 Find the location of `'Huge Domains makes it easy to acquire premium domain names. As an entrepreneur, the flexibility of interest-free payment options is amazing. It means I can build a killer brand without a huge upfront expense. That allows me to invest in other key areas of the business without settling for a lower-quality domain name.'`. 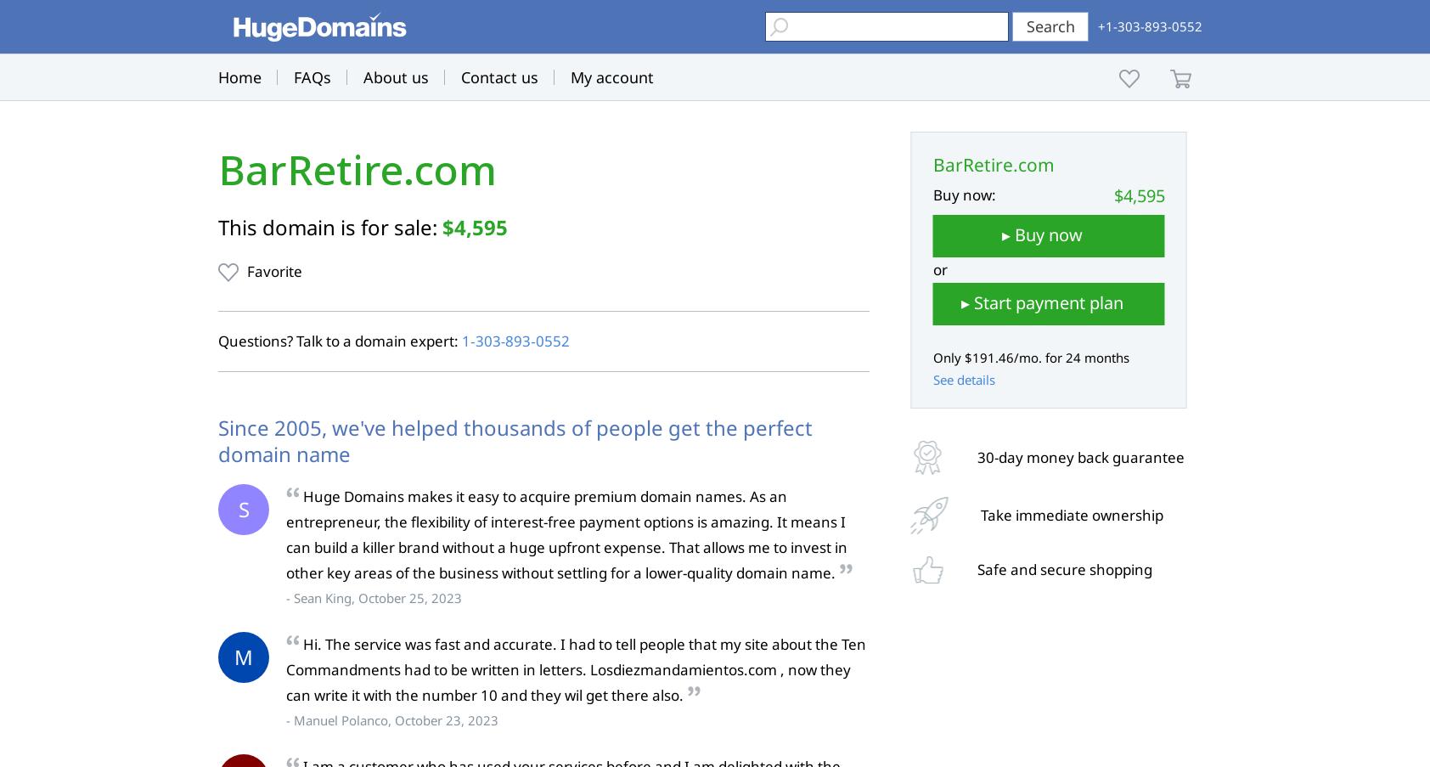

'Huge Domains makes it easy to acquire premium domain names. As an entrepreneur, the flexibility of interest-free payment options is amazing. It means I can build a killer brand without a huge upfront expense. That allows me to invest in other key areas of the business without settling for a lower-quality domain name.' is located at coordinates (566, 534).